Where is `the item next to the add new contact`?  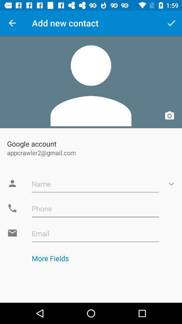 the item next to the add new contact is located at coordinates (171, 23).